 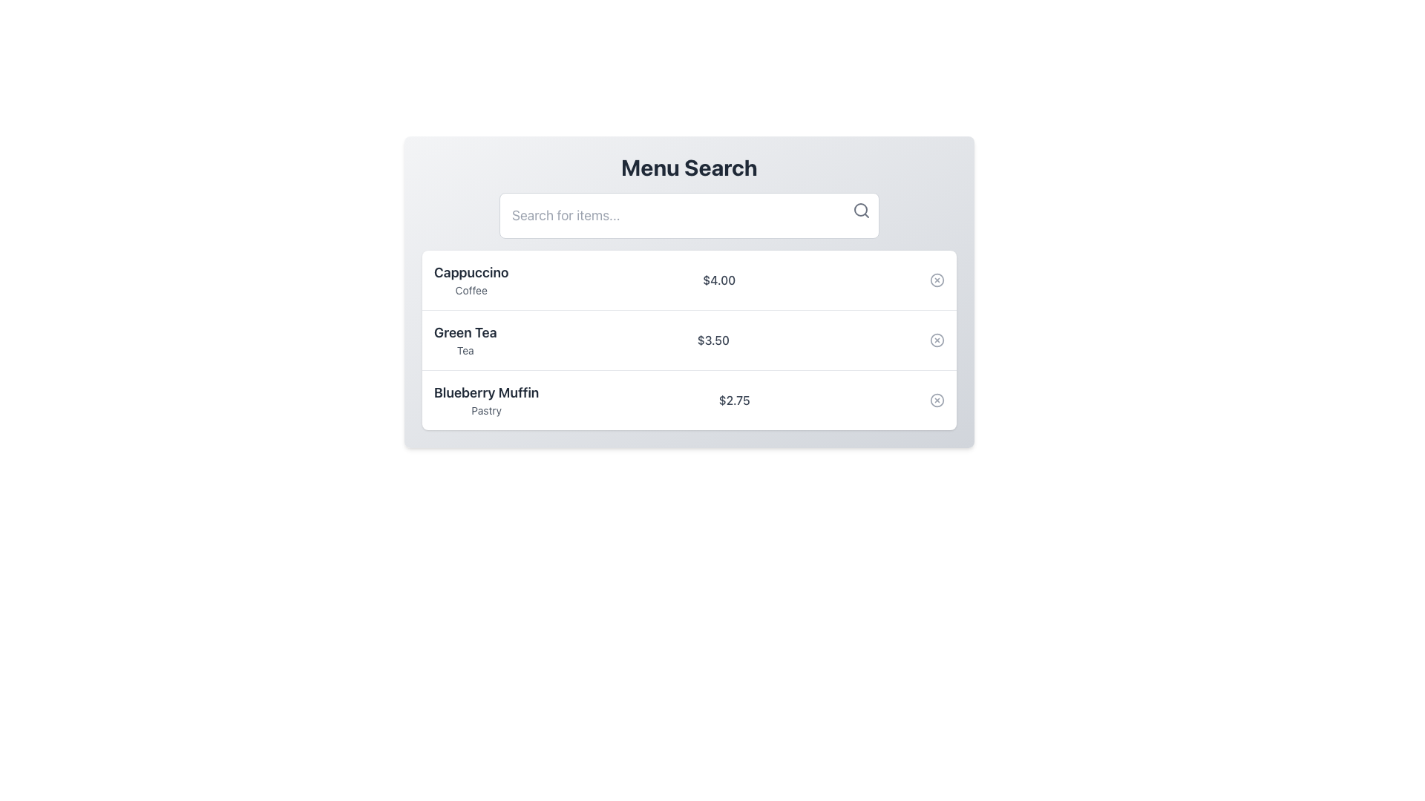 What do you see at coordinates (713, 340) in the screenshot?
I see `the Static Text Component displaying the price of 'Green Tea', which is located on the right side of the 'Green Tea' item row in a list-style menu interface` at bounding box center [713, 340].